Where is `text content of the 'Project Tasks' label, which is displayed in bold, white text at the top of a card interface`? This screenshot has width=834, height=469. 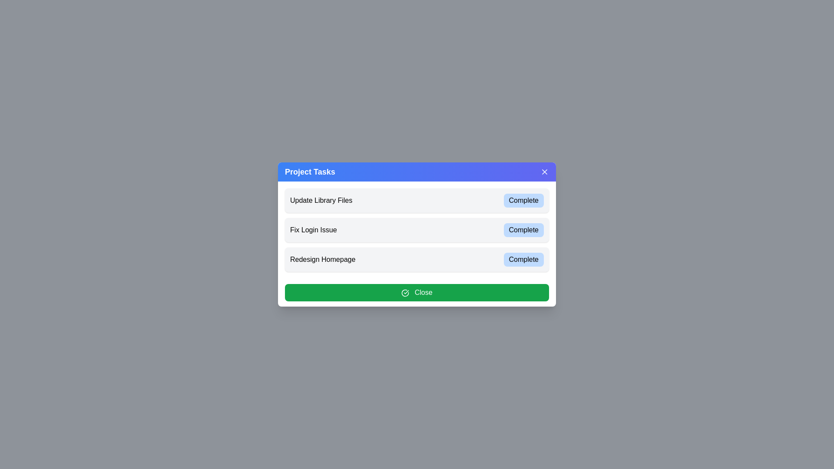 text content of the 'Project Tasks' label, which is displayed in bold, white text at the top of a card interface is located at coordinates (310, 172).